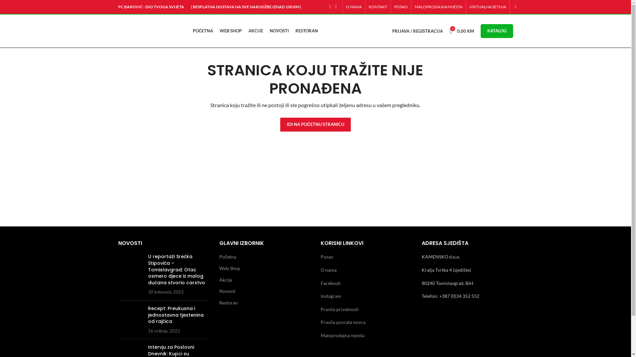 This screenshot has width=636, height=357. Describe the element at coordinates (228, 291) in the screenshot. I see `'Novosti'` at that location.